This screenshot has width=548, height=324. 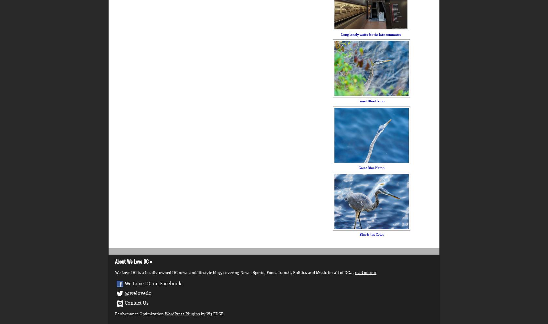 What do you see at coordinates (182, 313) in the screenshot?
I see `'WordPress Plugins'` at bounding box center [182, 313].